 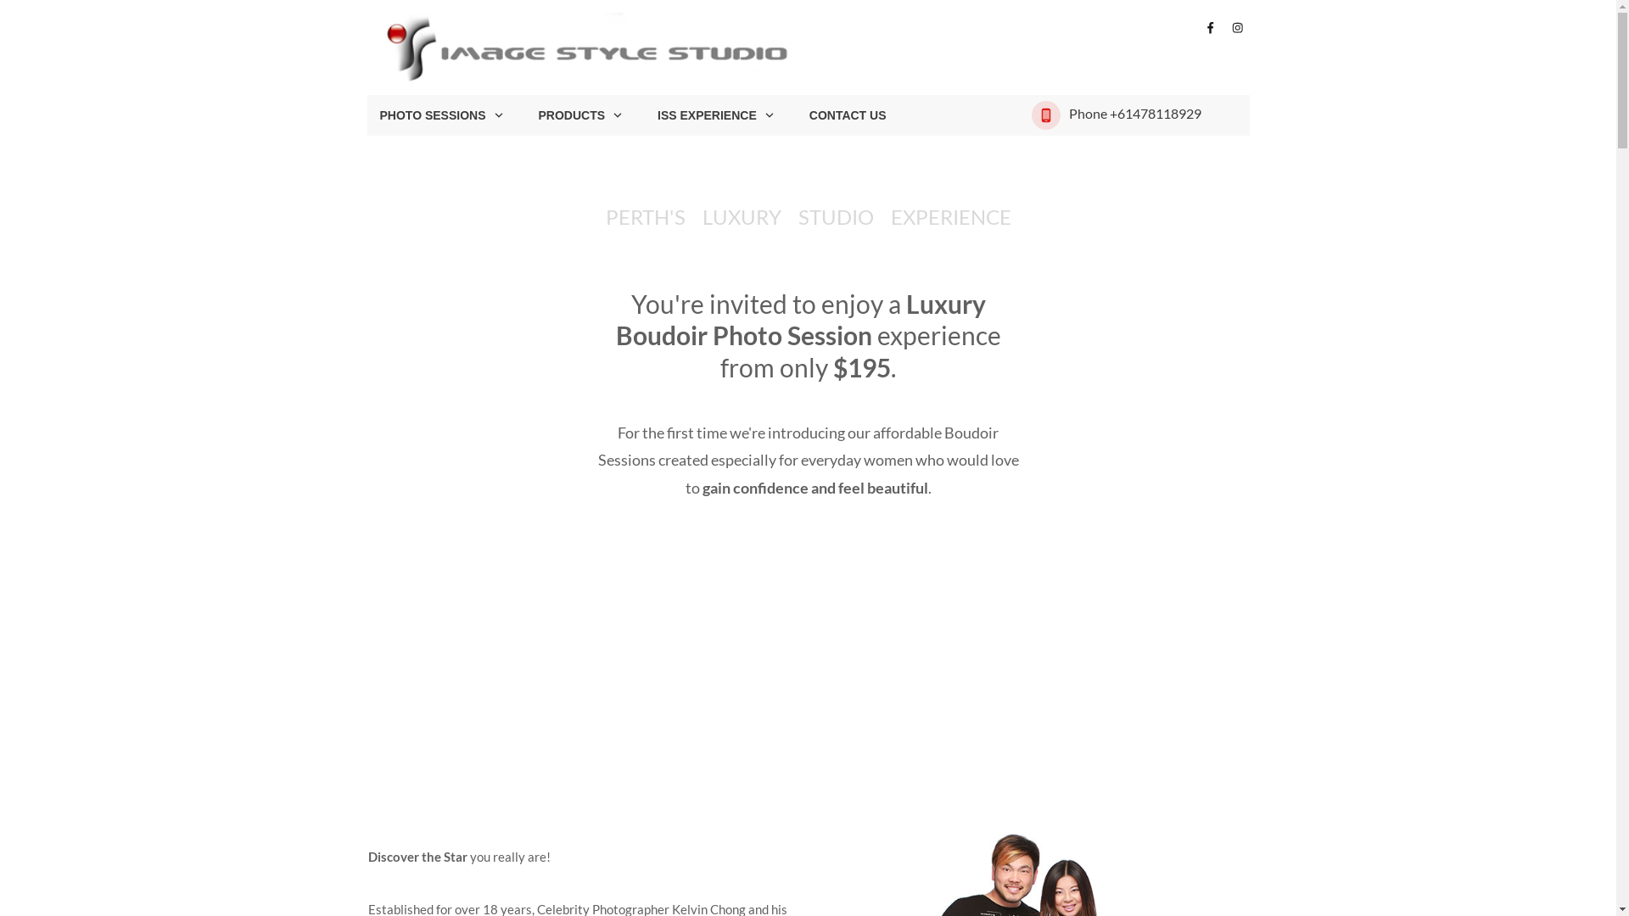 I want to click on 'PHOTO SESSIONS', so click(x=442, y=114).